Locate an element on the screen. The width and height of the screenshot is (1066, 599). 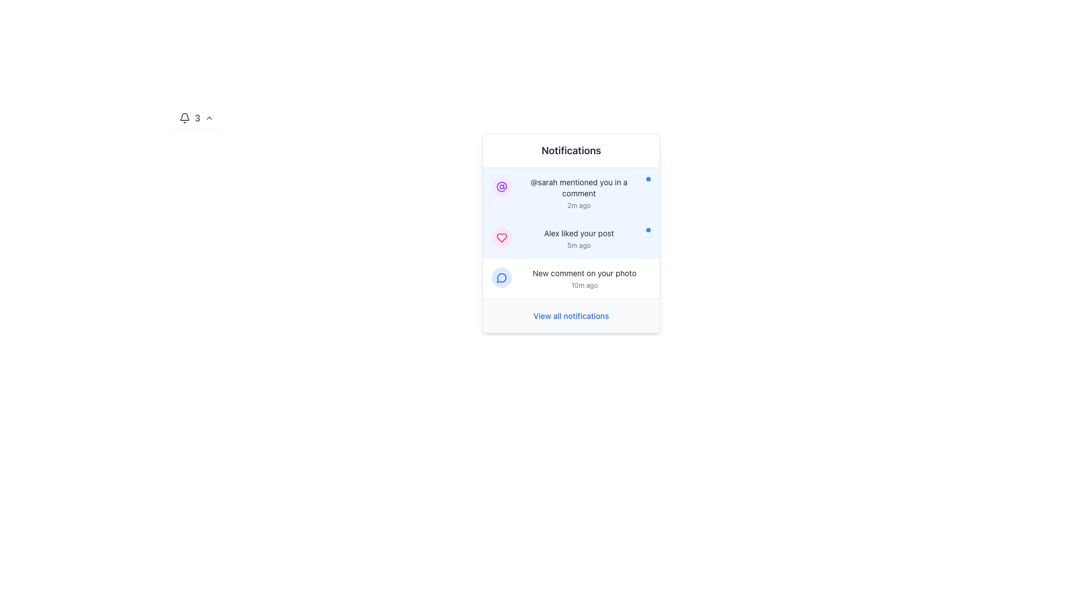
the first notification item in the popup panel, which has a light blue background, a purple '@' icon, and black textual content is located at coordinates (571, 192).